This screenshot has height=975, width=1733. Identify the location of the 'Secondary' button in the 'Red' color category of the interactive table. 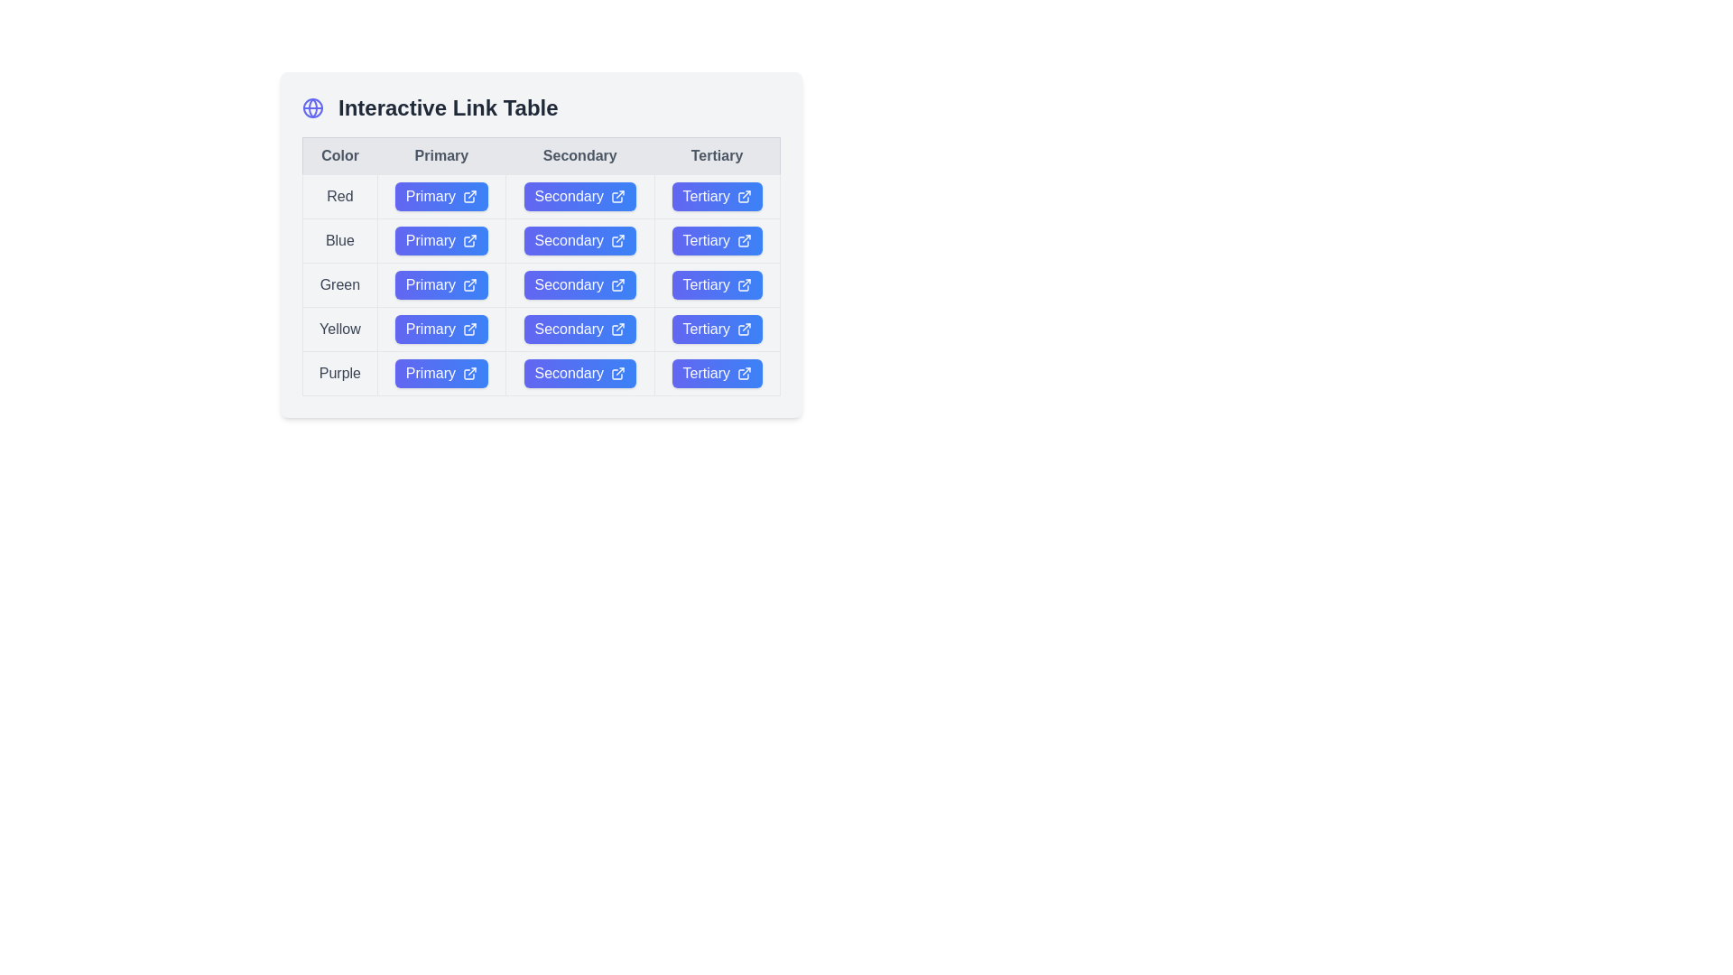
(541, 197).